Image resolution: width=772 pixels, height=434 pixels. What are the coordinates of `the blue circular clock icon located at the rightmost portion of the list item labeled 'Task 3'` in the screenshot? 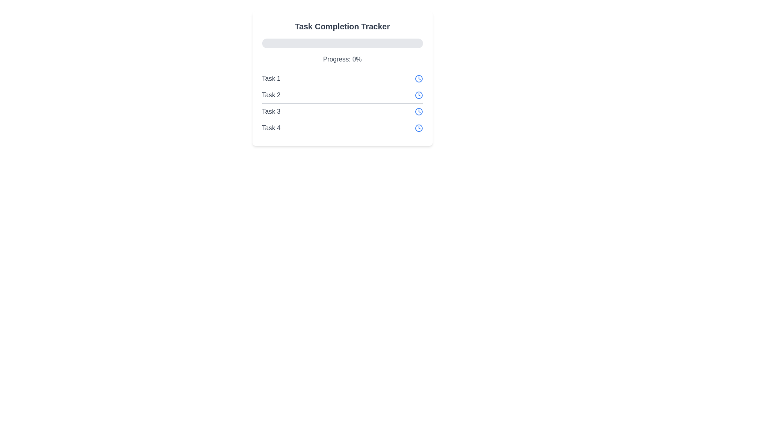 It's located at (418, 111).